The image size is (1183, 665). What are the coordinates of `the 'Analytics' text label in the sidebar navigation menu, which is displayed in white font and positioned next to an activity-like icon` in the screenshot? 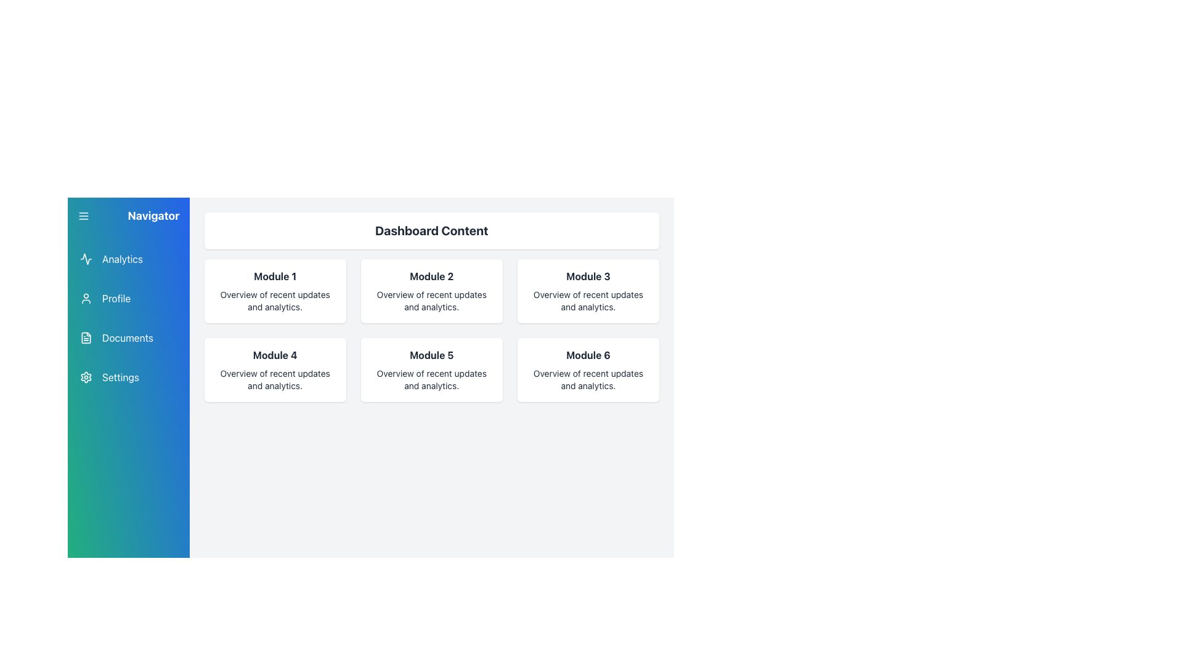 It's located at (122, 258).